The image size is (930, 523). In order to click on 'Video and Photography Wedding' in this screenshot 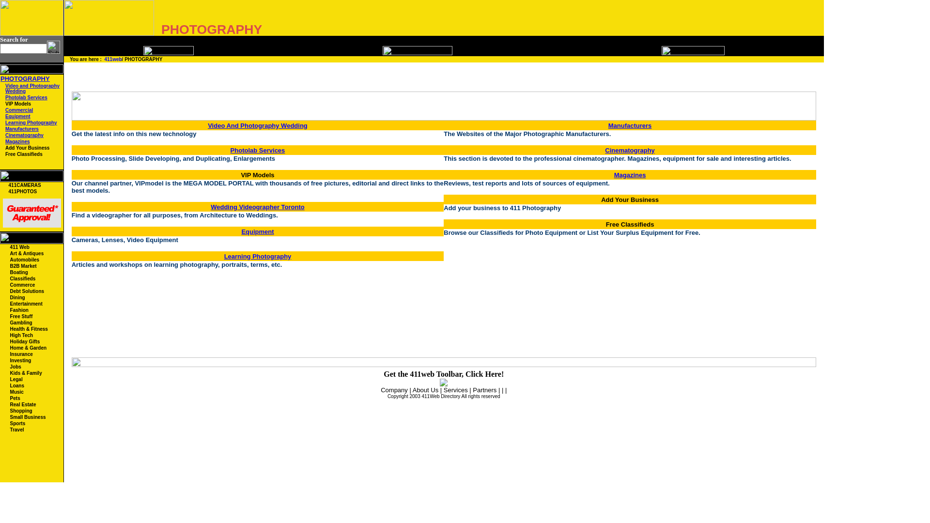, I will do `click(32, 88)`.